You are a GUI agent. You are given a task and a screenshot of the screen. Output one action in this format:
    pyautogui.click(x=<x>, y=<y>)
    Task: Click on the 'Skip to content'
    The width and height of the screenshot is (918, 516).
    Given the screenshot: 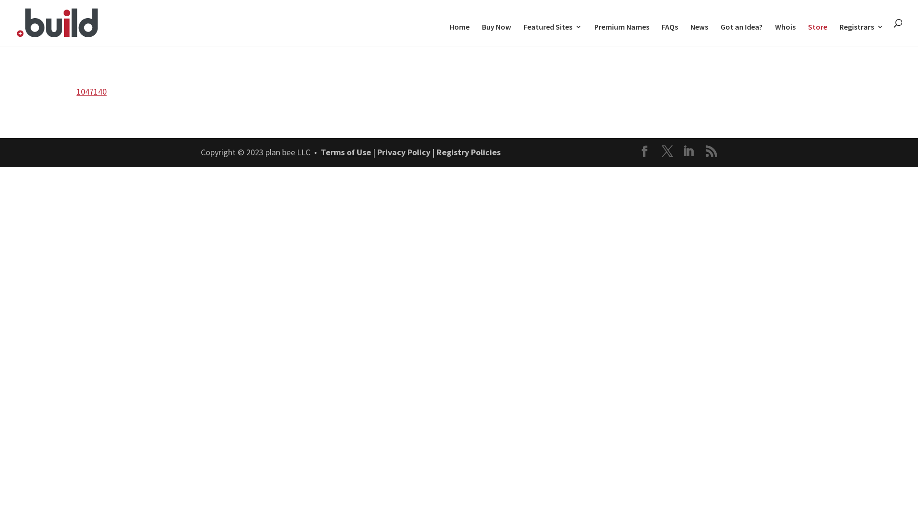 What is the action you would take?
    pyautogui.click(x=0, y=0)
    